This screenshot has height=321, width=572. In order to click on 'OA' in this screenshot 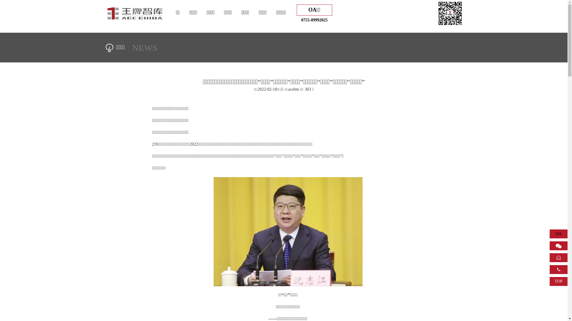, I will do `click(558, 233)`.